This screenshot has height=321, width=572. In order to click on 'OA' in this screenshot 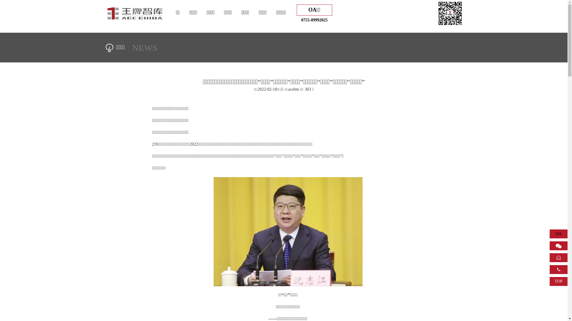, I will do `click(558, 233)`.